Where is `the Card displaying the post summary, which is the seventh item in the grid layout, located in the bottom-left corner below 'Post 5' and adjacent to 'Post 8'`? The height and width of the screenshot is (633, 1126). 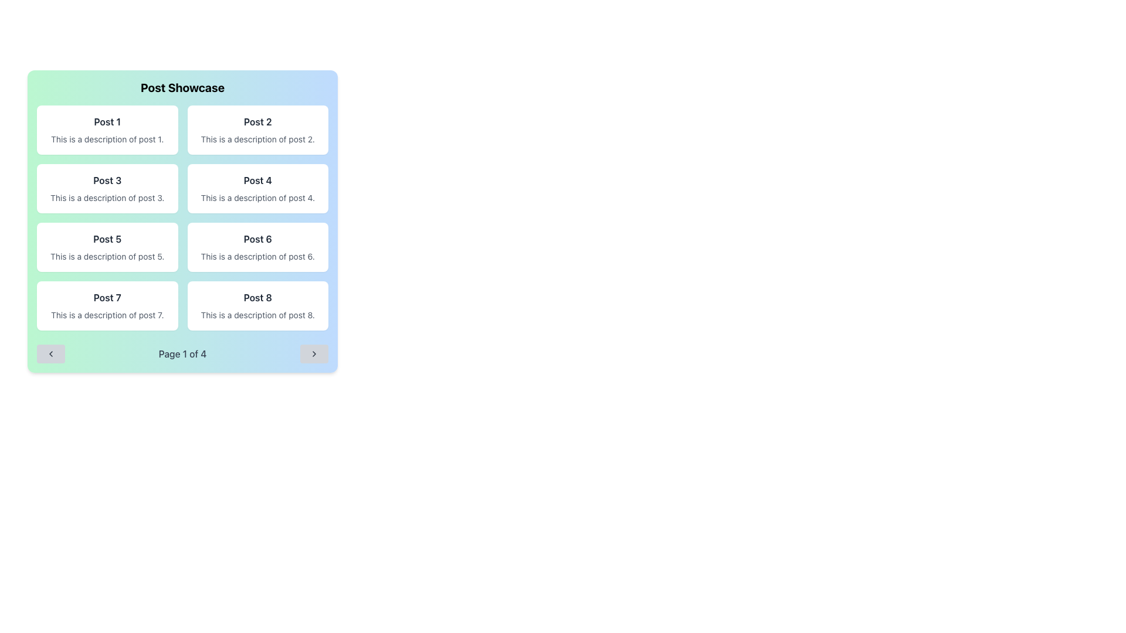
the Card displaying the post summary, which is the seventh item in the grid layout, located in the bottom-left corner below 'Post 5' and adjacent to 'Post 8' is located at coordinates (107, 305).